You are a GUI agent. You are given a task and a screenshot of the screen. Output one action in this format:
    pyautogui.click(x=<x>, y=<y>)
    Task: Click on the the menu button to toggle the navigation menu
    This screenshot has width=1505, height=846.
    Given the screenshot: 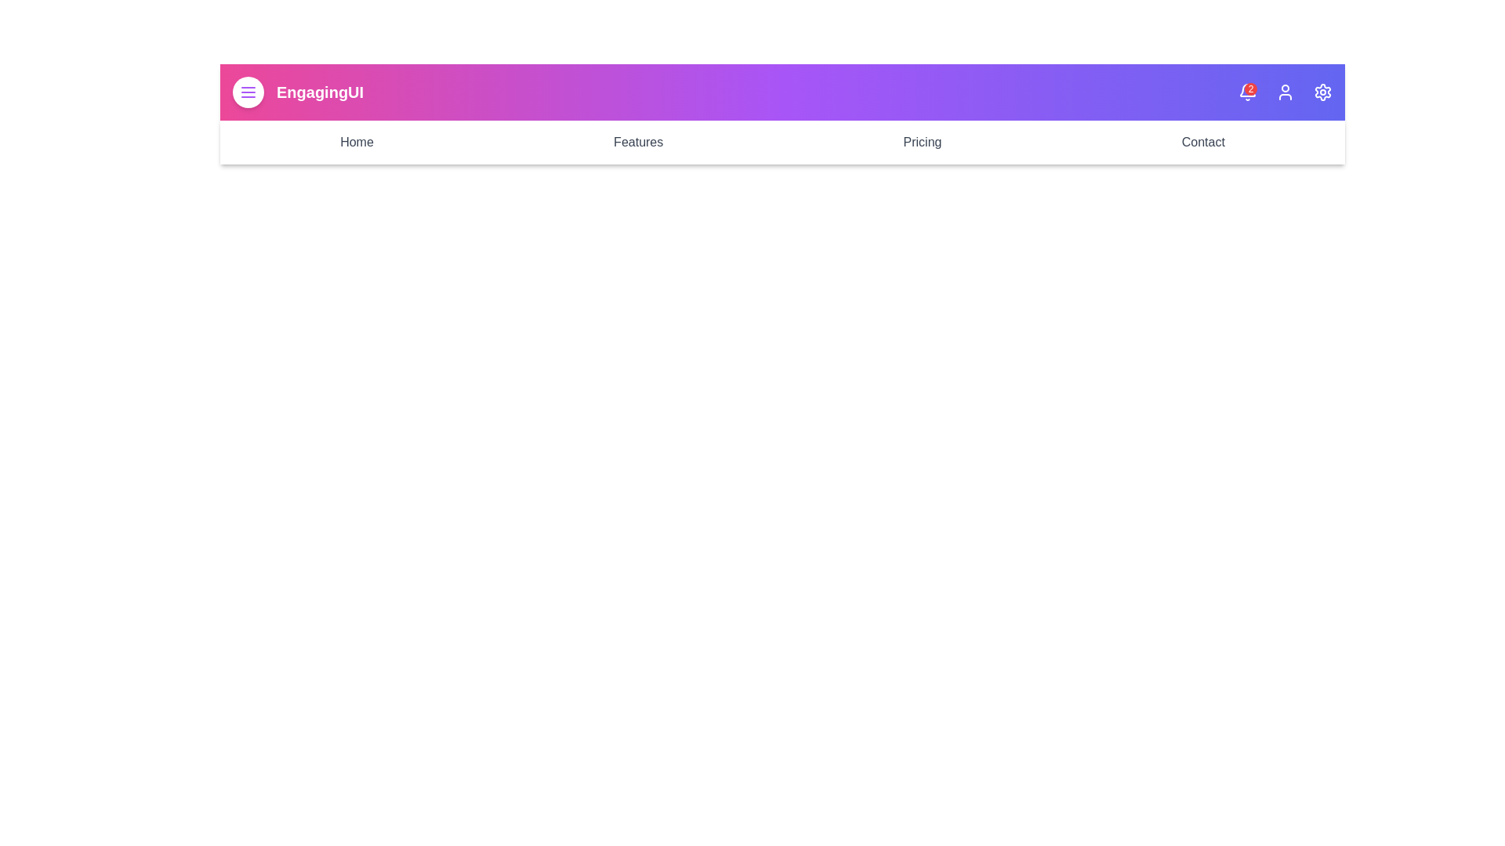 What is the action you would take?
    pyautogui.click(x=247, y=92)
    